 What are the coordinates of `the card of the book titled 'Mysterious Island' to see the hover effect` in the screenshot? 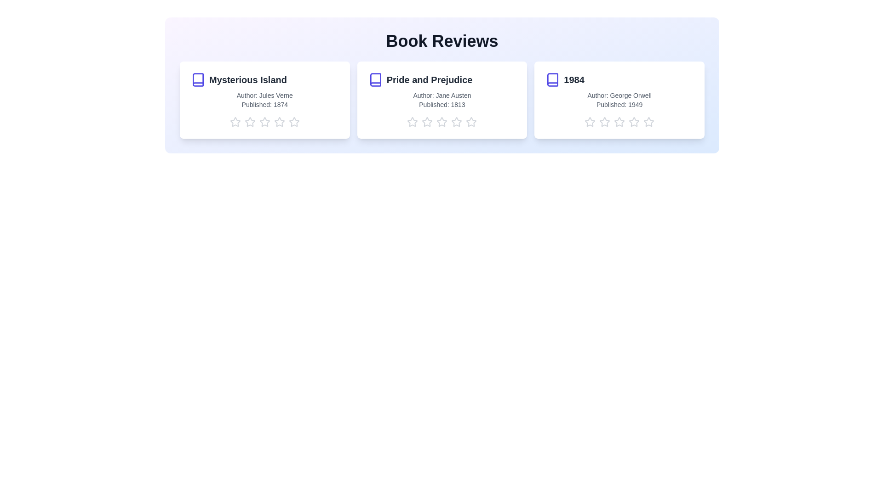 It's located at (264, 100).